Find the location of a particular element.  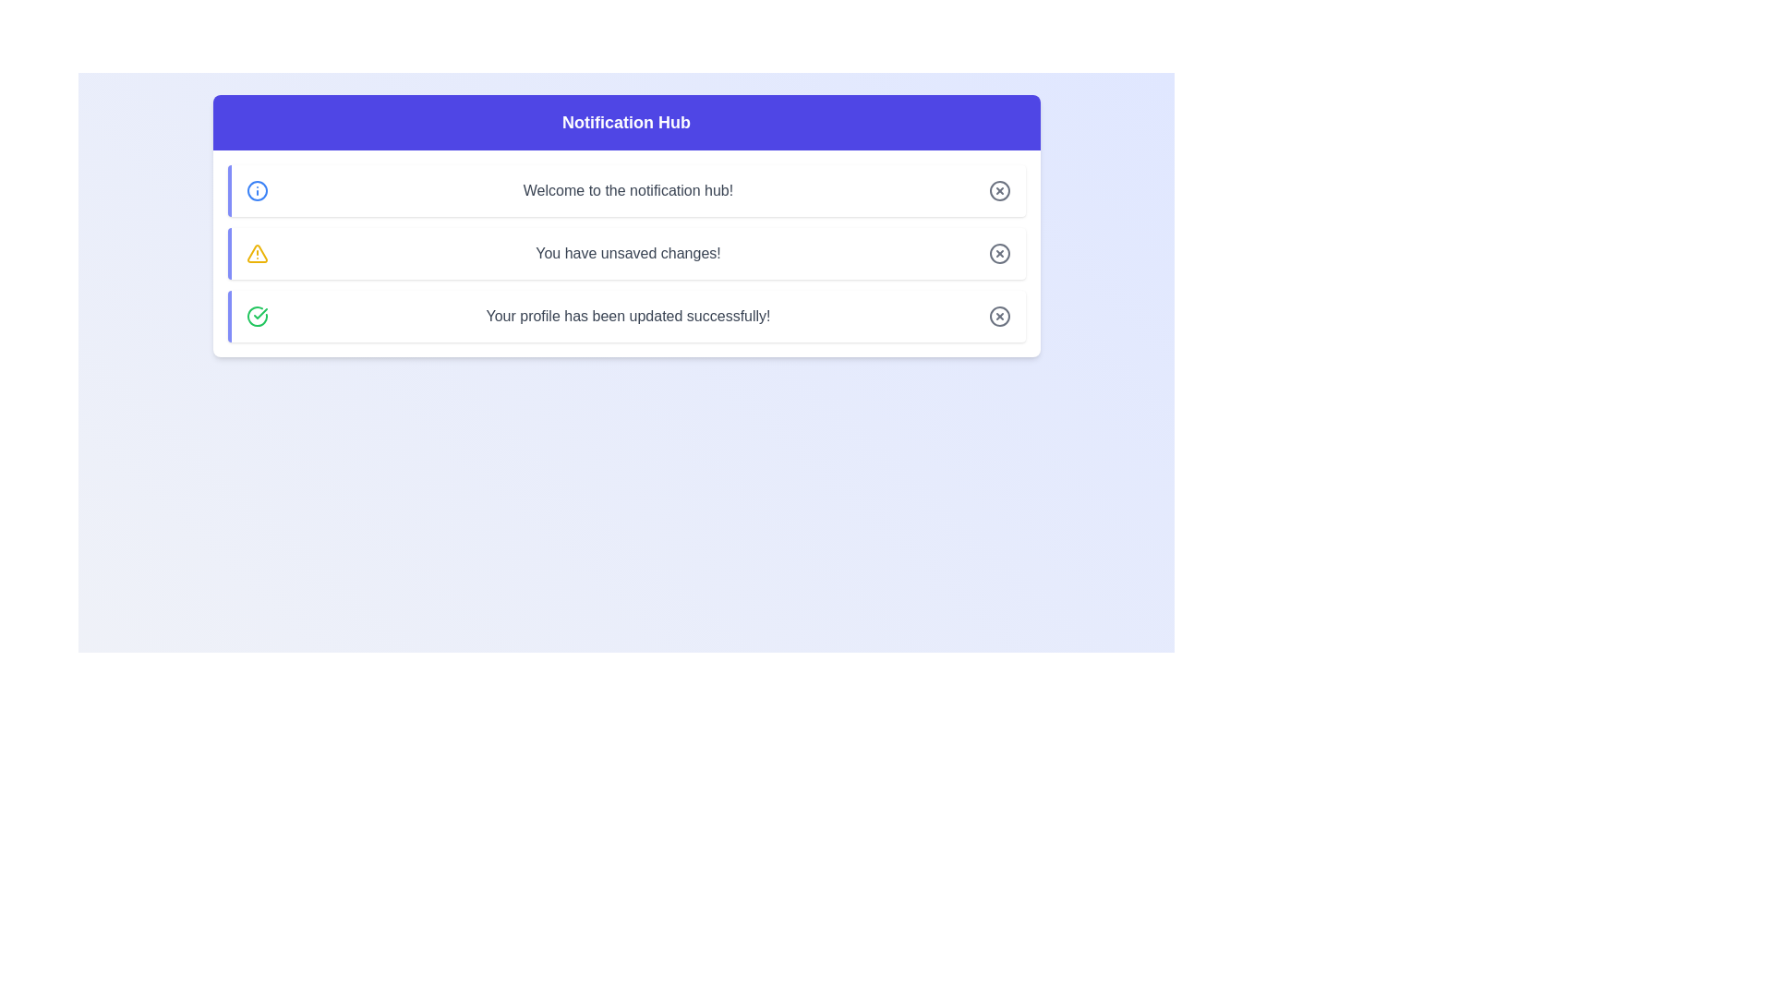

the circular icon with a center cross mark, which is part of the user notifications section, specifically located in the third notification item that indicates a successful profile update is located at coordinates (998, 316).